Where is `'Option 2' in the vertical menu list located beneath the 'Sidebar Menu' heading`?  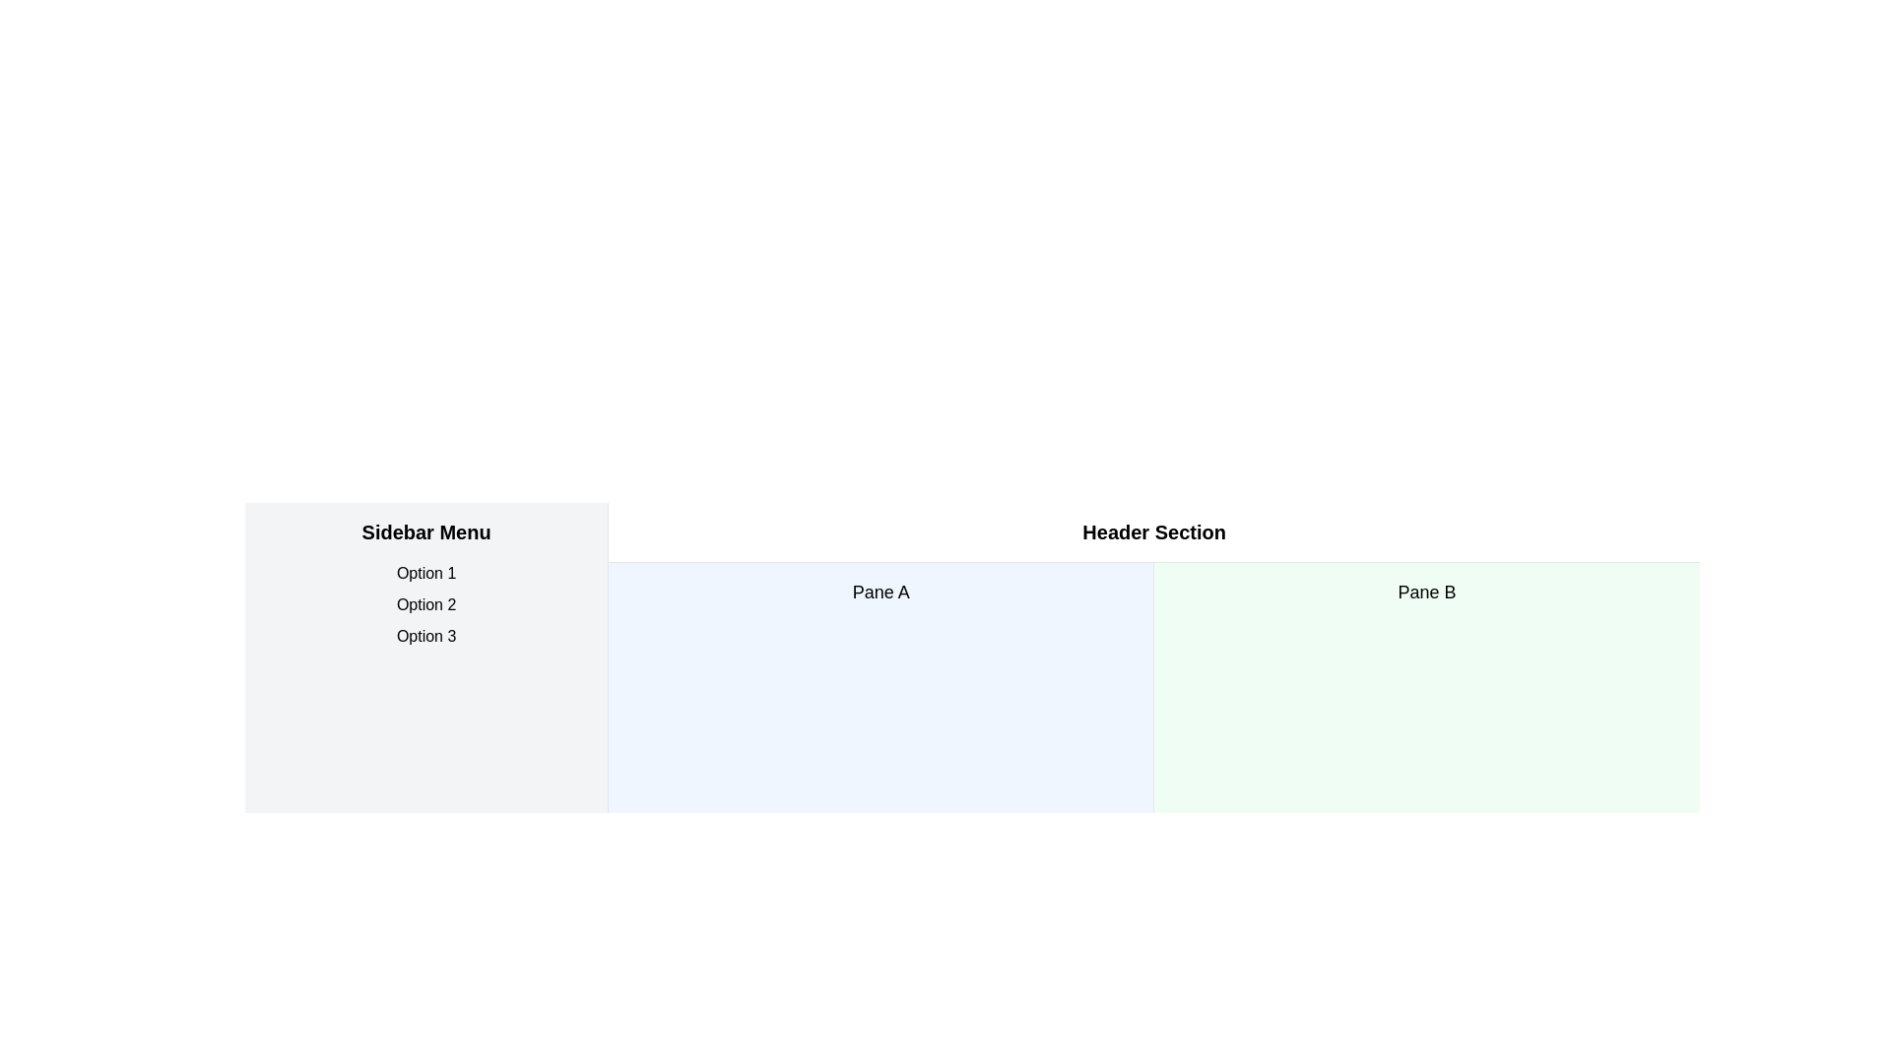
'Option 2' in the vertical menu list located beneath the 'Sidebar Menu' heading is located at coordinates (425, 603).